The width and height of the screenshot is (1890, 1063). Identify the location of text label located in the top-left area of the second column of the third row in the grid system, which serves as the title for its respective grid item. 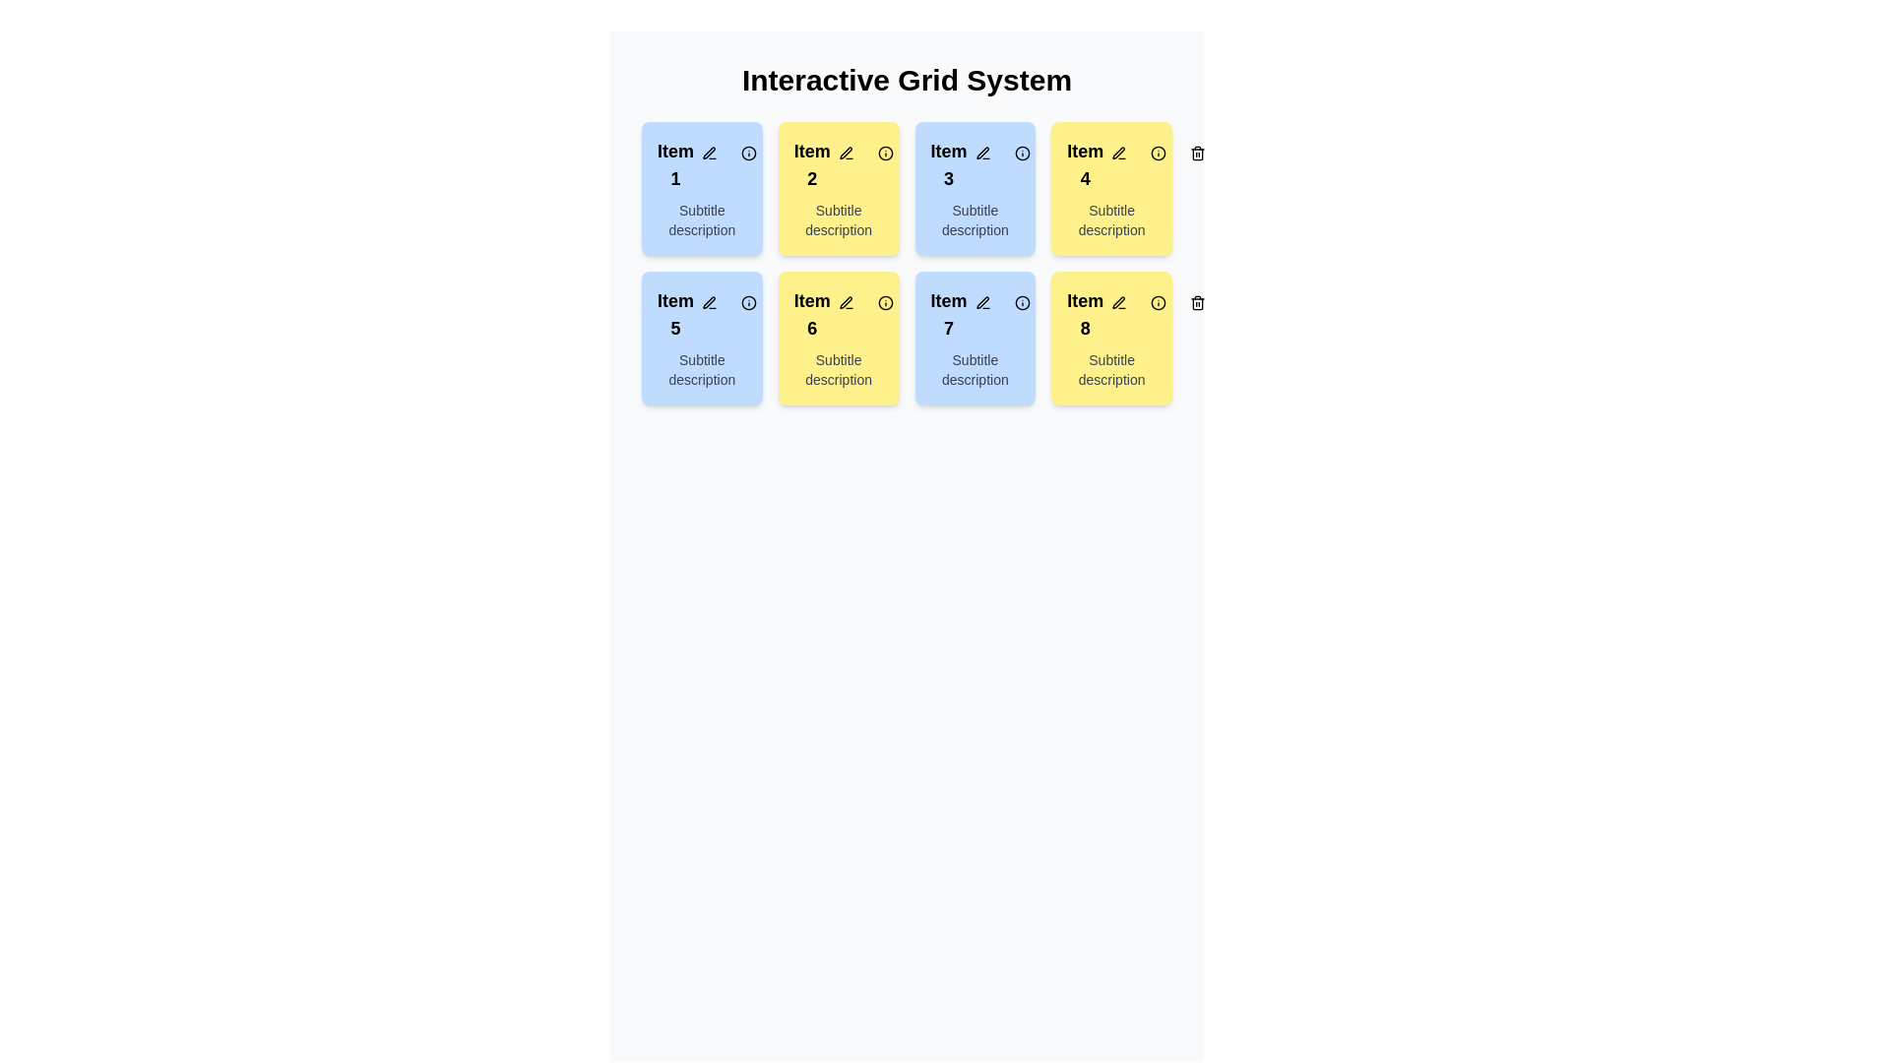
(949, 314).